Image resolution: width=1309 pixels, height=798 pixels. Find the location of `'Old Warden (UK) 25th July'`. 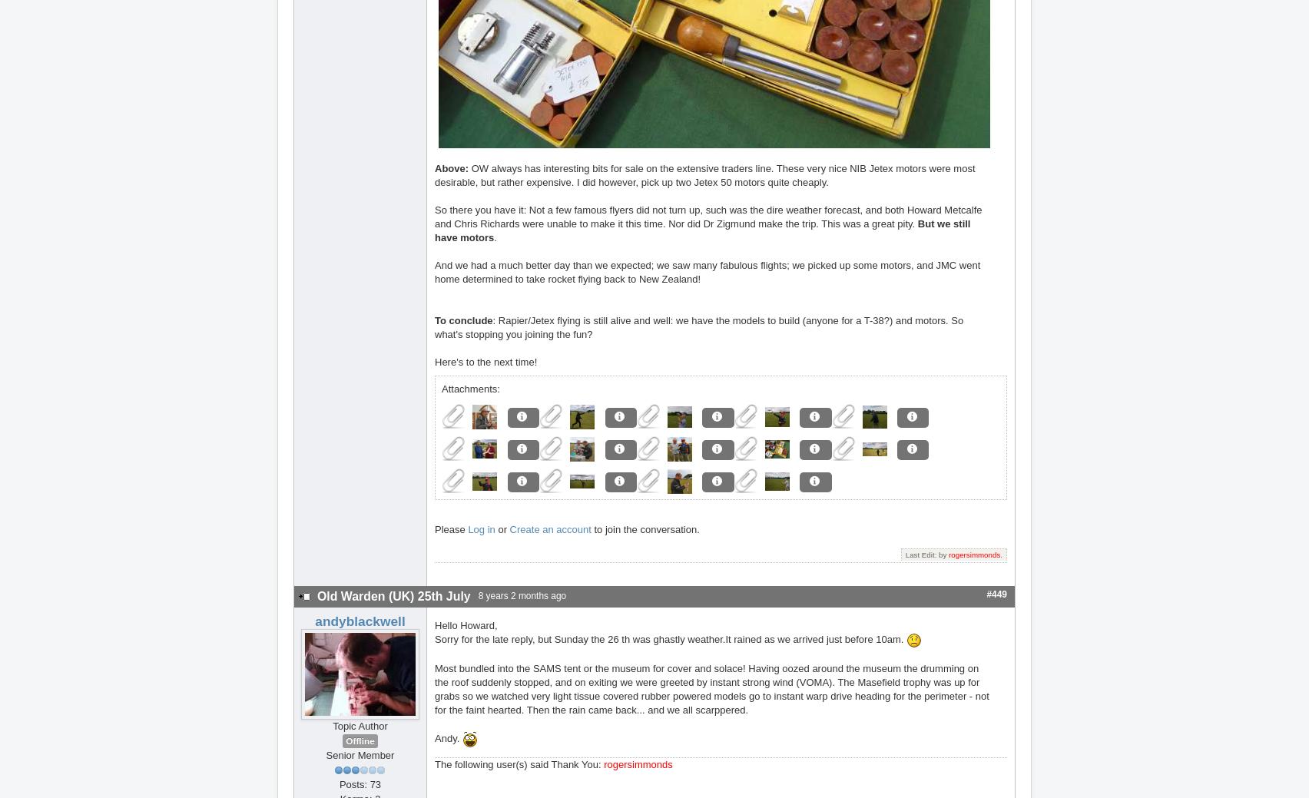

'Old Warden (UK) 25th July' is located at coordinates (393, 595).